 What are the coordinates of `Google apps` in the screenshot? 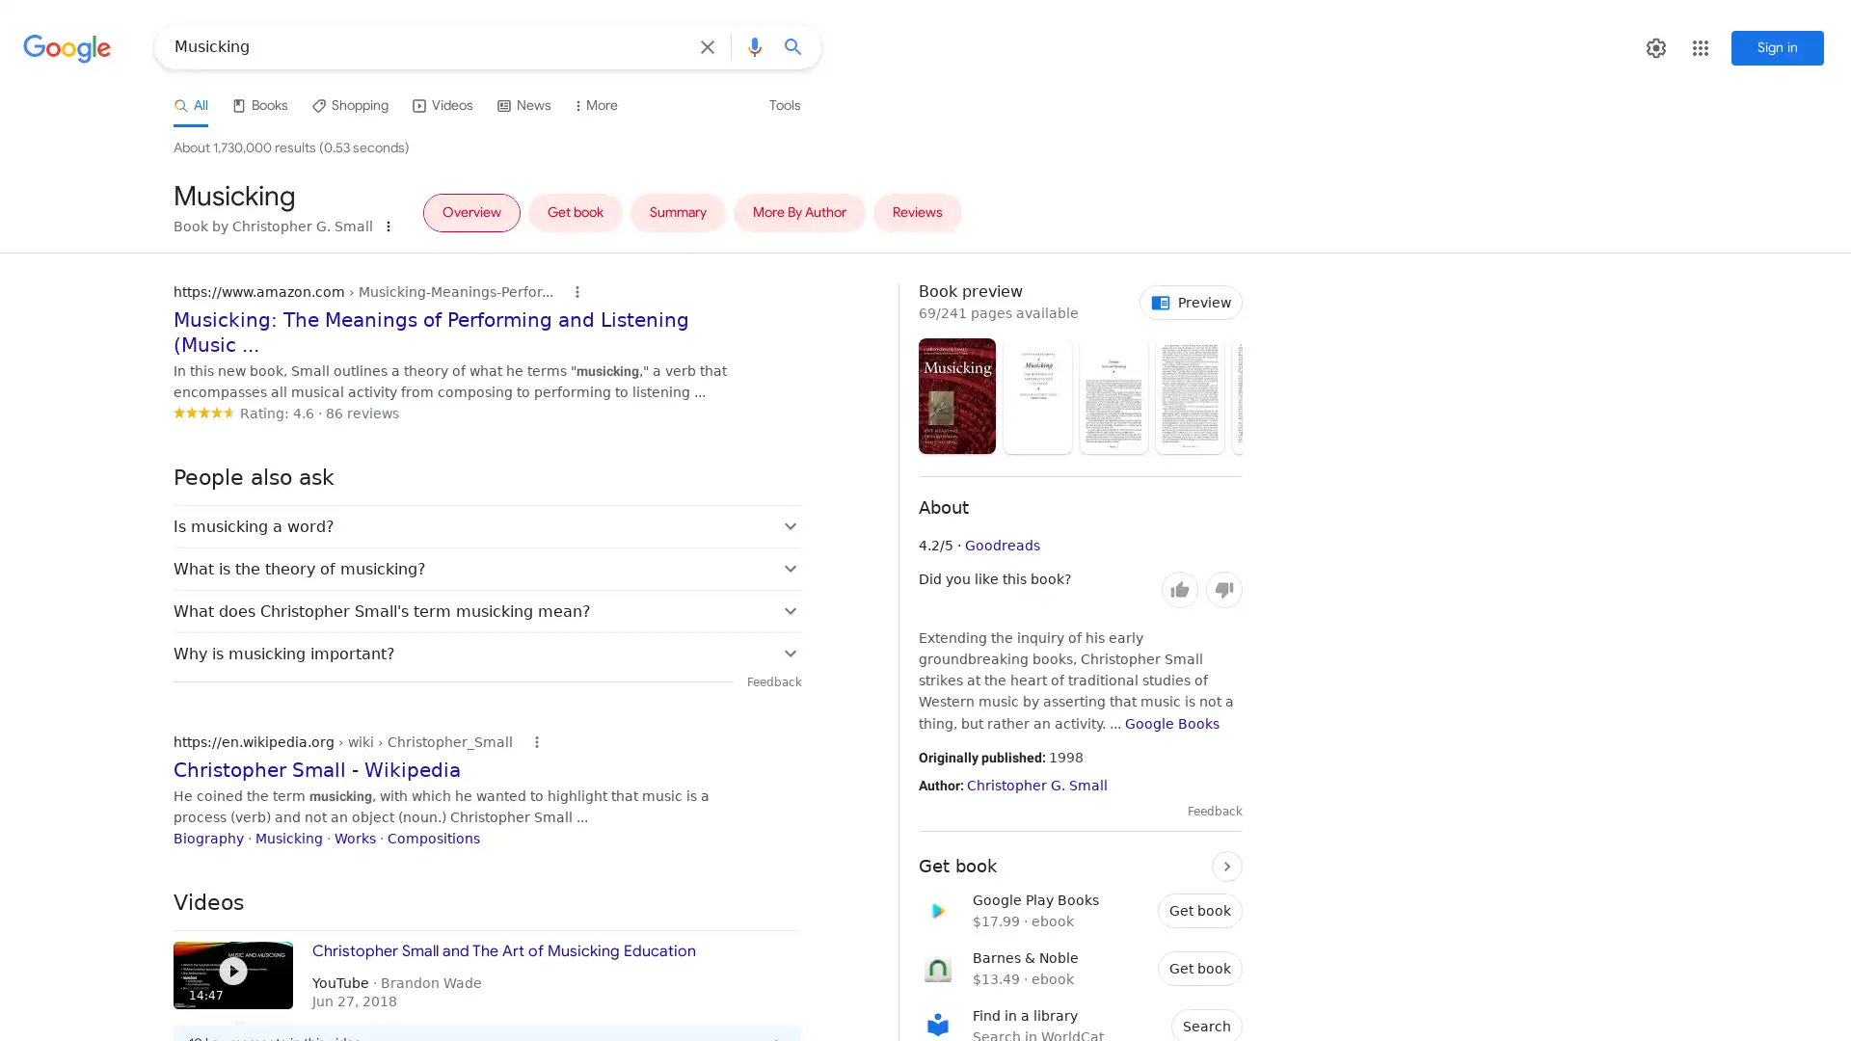 It's located at (1716, 47).